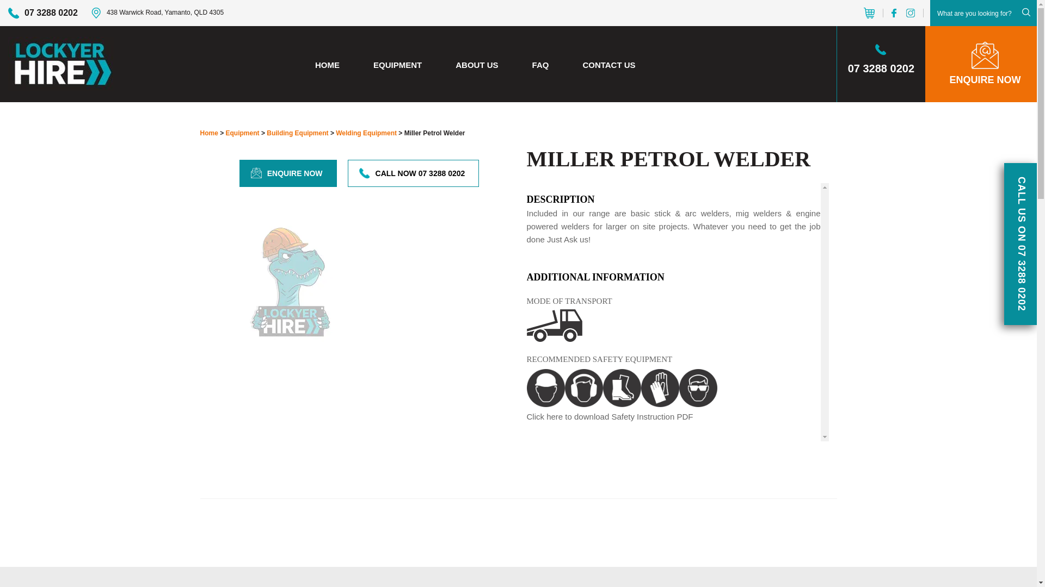 Image resolution: width=1045 pixels, height=587 pixels. I want to click on 'Building Equipment', so click(298, 133).